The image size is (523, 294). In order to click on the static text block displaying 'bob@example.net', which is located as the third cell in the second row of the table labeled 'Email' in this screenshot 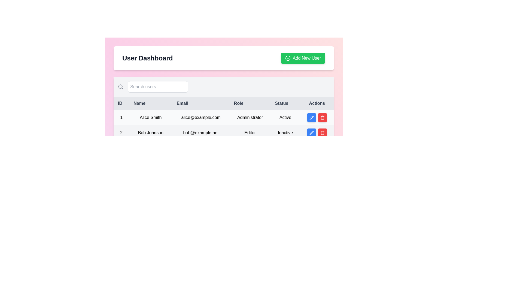, I will do `click(200, 133)`.